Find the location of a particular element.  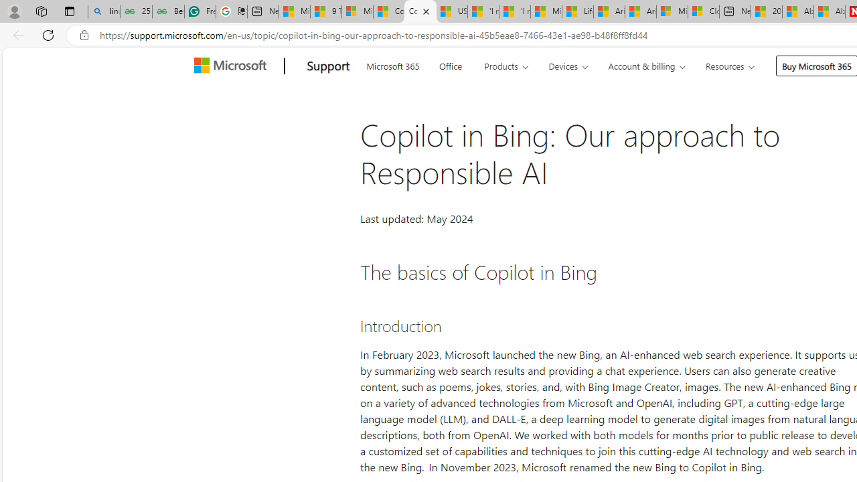

'Lifestyle - MSN' is located at coordinates (577, 11).